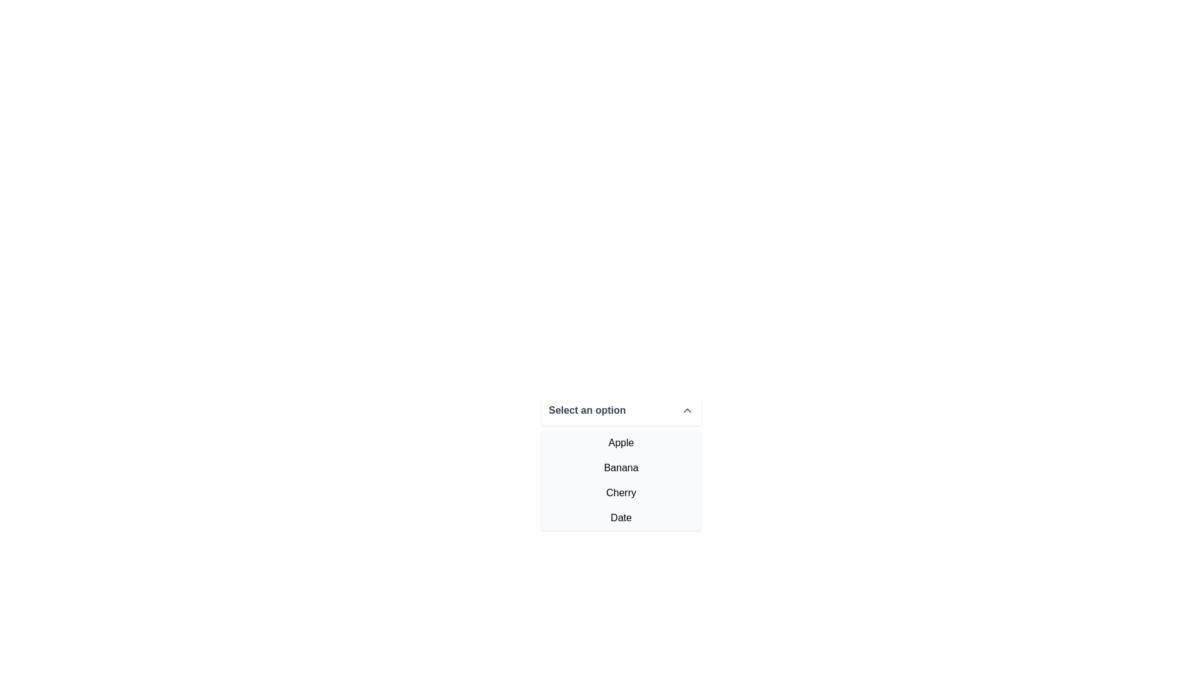 The width and height of the screenshot is (1200, 675). I want to click on an item in the vertically-aligned list containing 'Apple', 'Banana', 'Cherry', and 'Date', so click(621, 479).